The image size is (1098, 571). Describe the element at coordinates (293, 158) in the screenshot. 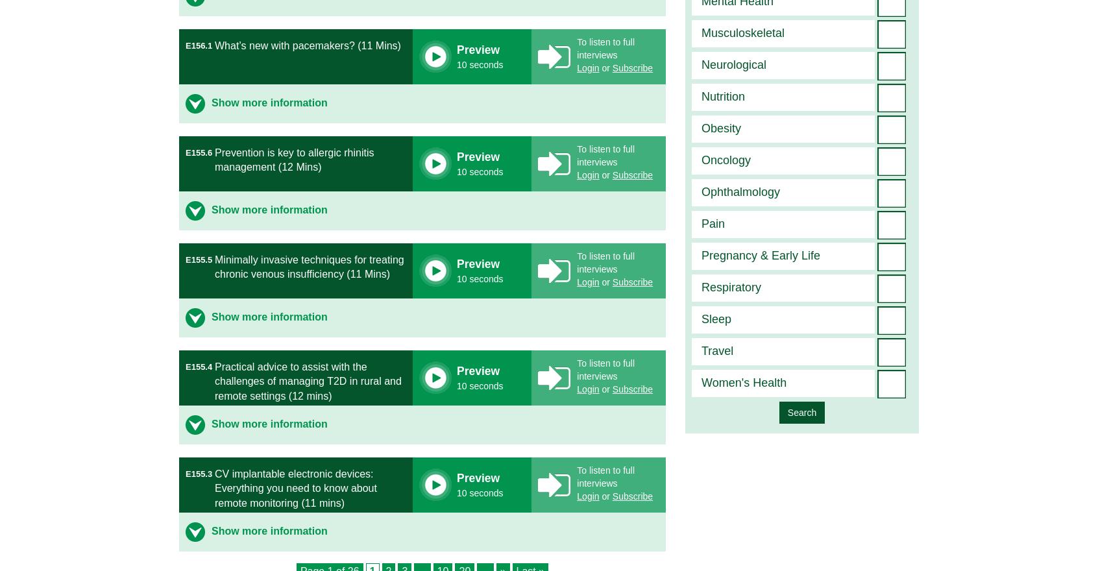

I see `'Prevention is key to allergic rhinitis management (12 Mins)'` at that location.